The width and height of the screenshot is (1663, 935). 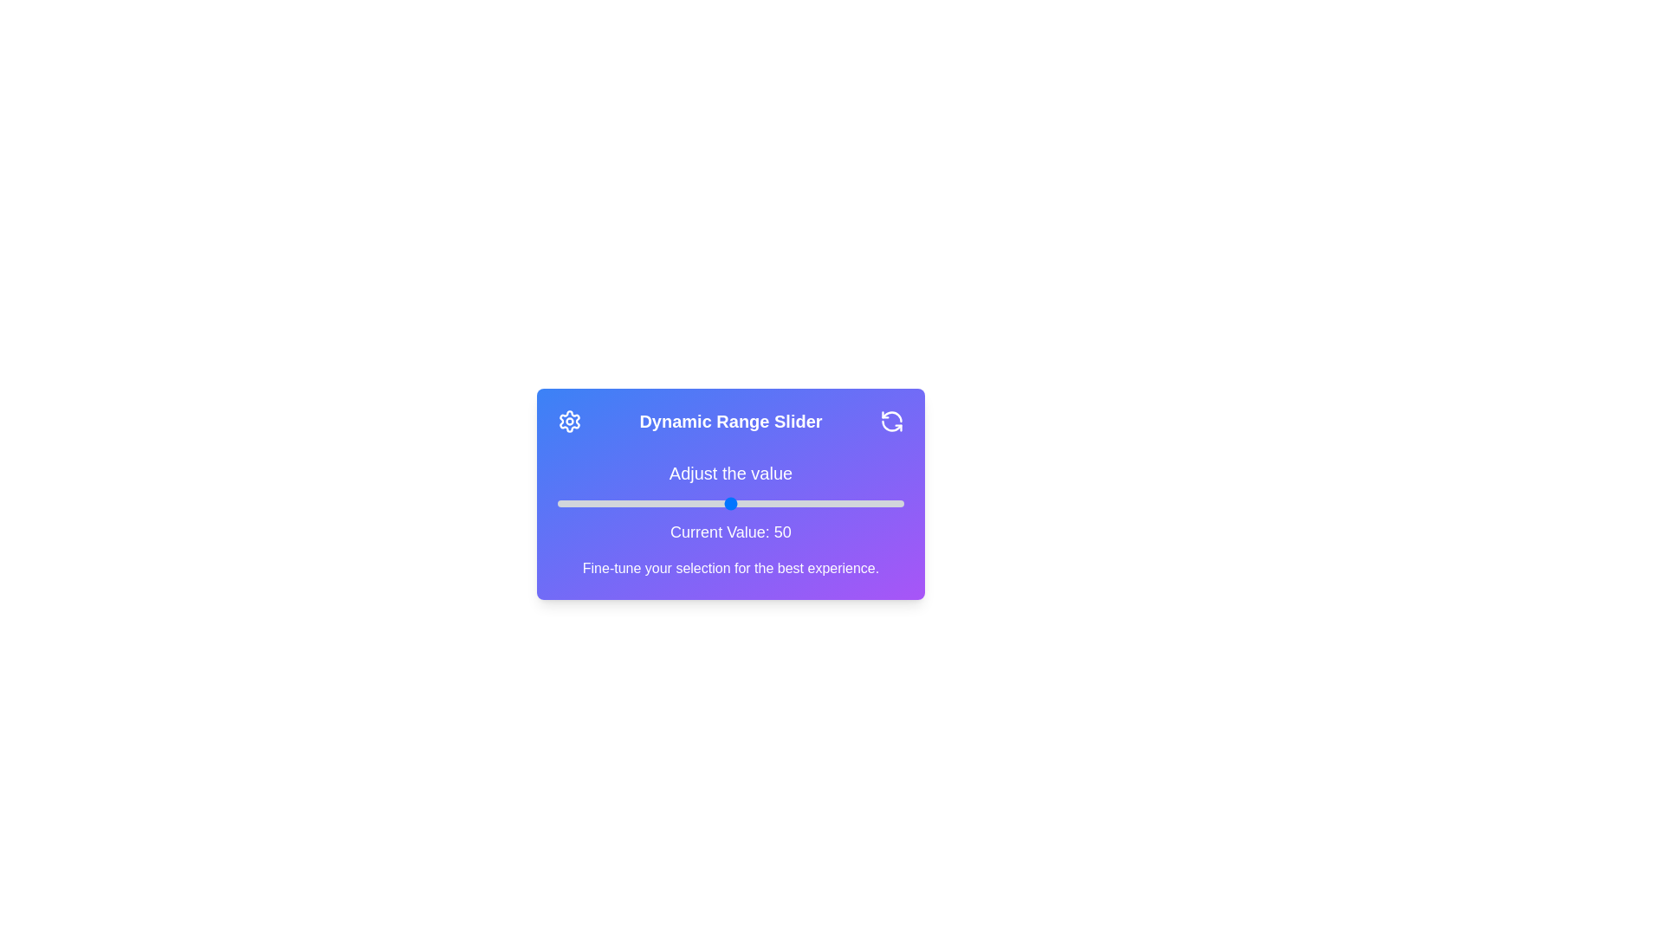 I want to click on the slider to set the value to 39, so click(x=693, y=504).